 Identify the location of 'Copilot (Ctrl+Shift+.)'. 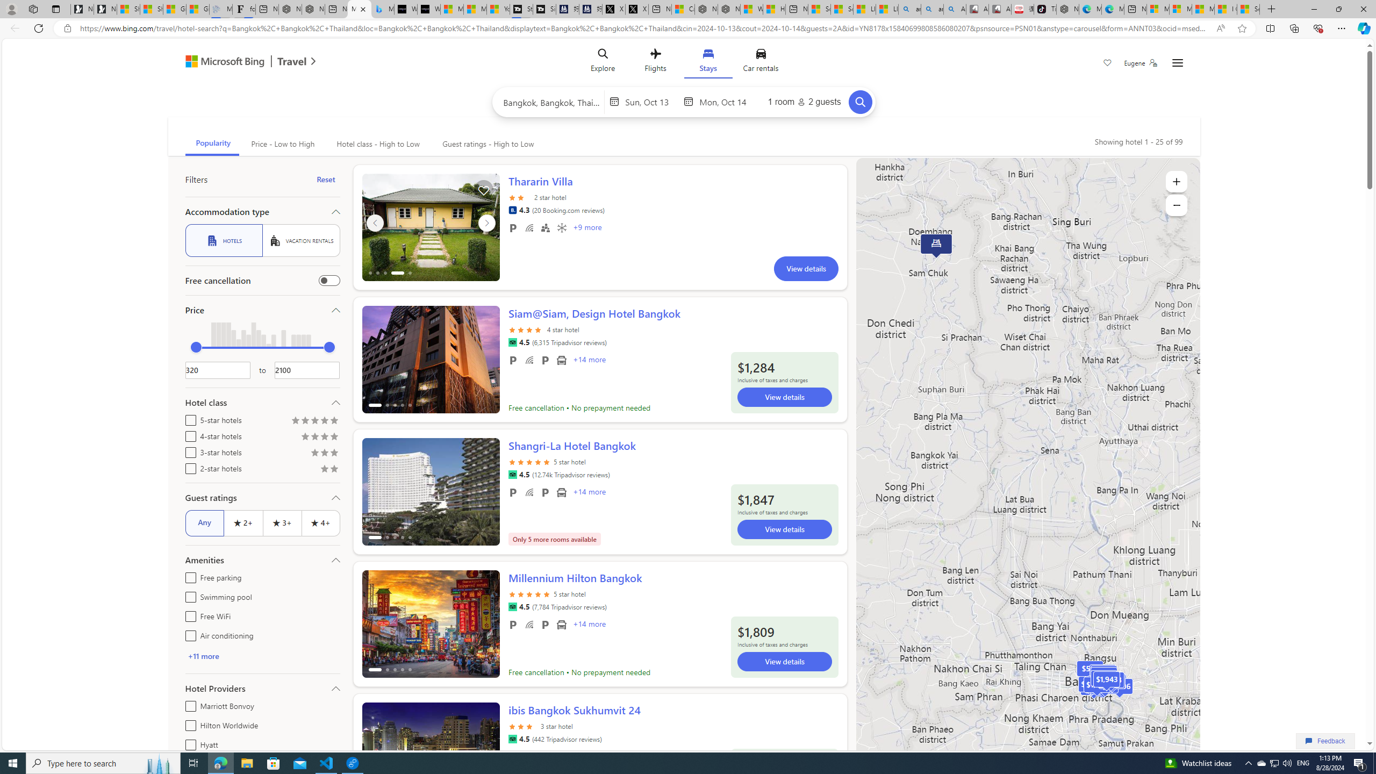
(1363, 27).